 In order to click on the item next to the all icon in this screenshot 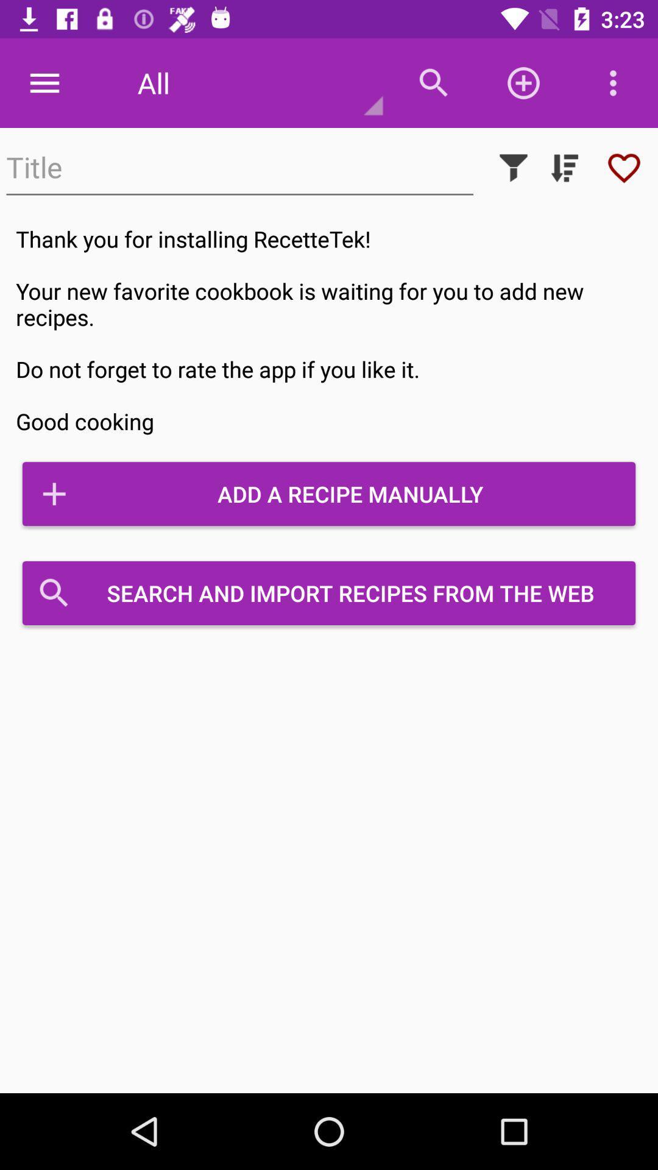, I will do `click(44, 82)`.